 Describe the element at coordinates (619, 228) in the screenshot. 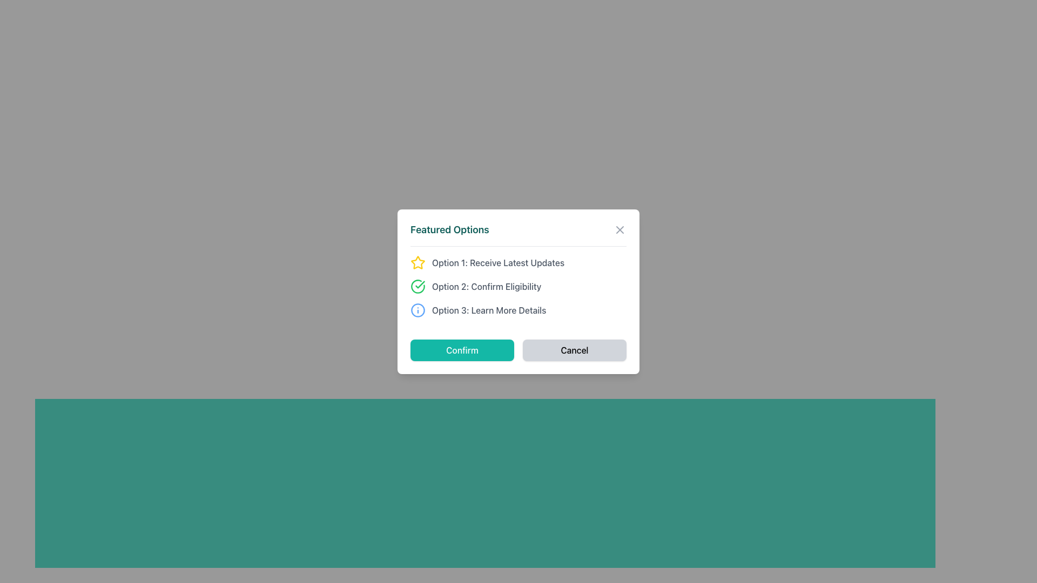

I see `the 'X' icon button located at the top-right corner of the 'Featured Options' modal box` at that location.